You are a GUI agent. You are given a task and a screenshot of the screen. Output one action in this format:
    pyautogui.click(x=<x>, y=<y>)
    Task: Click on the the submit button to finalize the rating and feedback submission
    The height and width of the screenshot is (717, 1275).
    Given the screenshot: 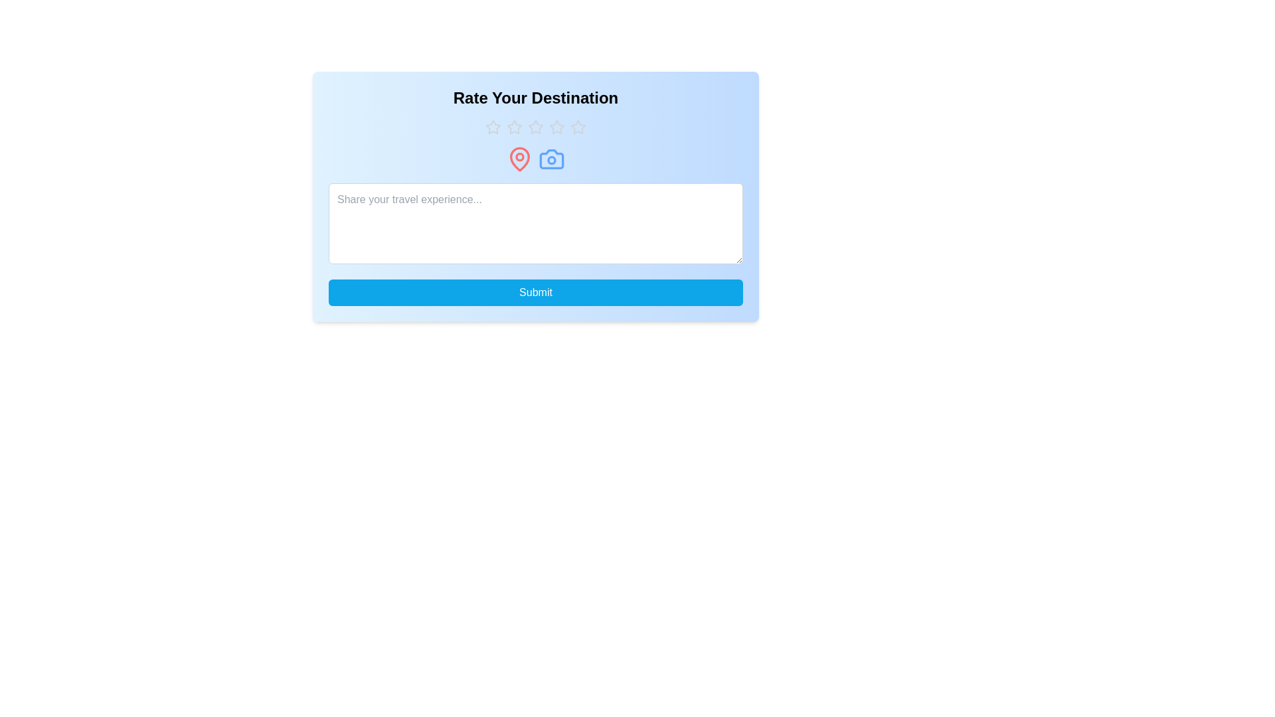 What is the action you would take?
    pyautogui.click(x=535, y=291)
    